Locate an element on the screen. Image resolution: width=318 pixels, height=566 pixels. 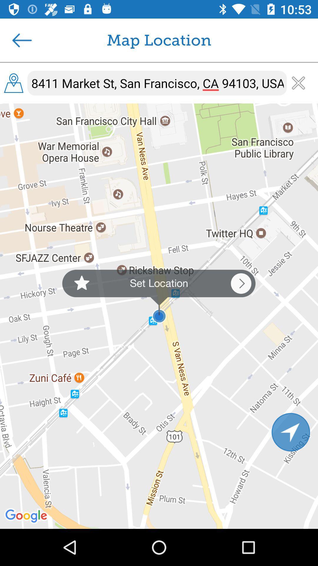
the icon next to the map location icon is located at coordinates (21, 40).